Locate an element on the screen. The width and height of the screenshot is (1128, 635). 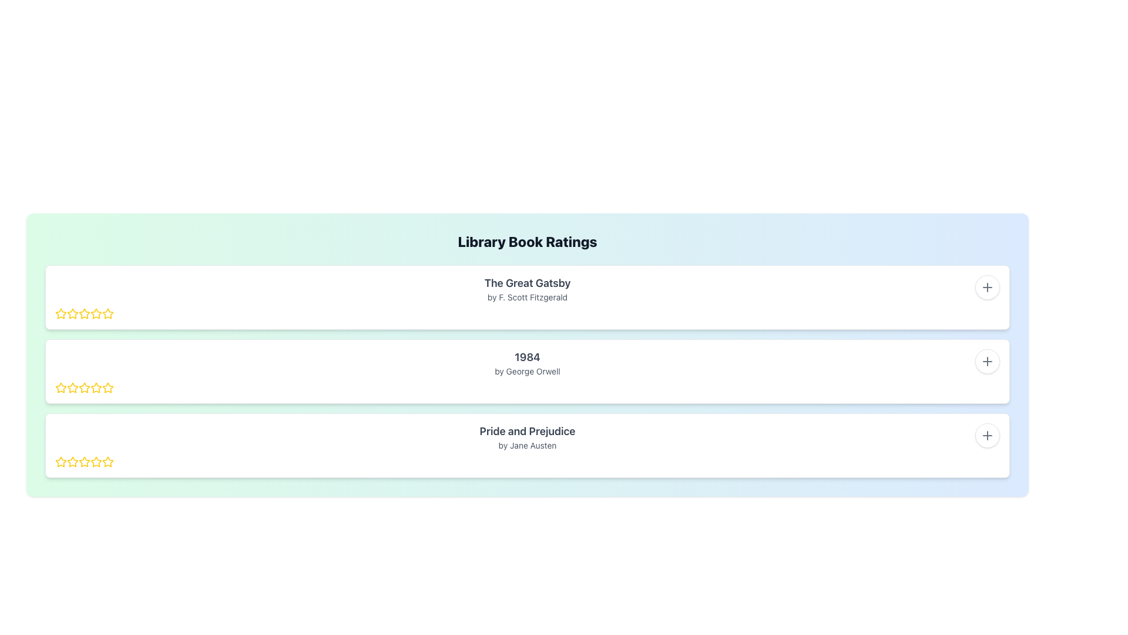
the star icon with a yellow outline and white fill, located in the third item of the 'Library Book Ratings' list, corresponding to the book 'Pride and Prejudice' is located at coordinates (61, 461).